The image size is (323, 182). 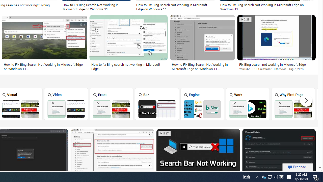 I want to click on 'Bing Exact Search Not Working', so click(x=111, y=109).